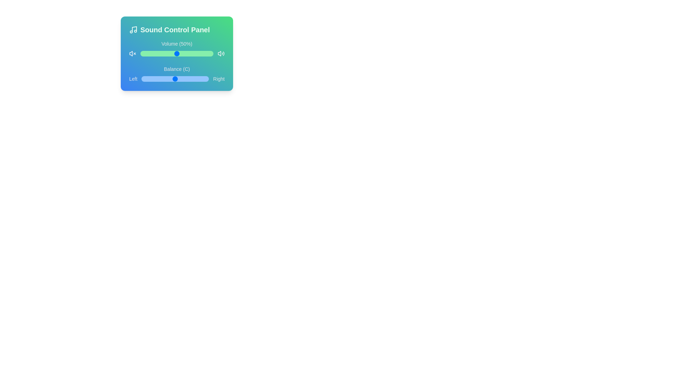  I want to click on the volume level, so click(185, 53).